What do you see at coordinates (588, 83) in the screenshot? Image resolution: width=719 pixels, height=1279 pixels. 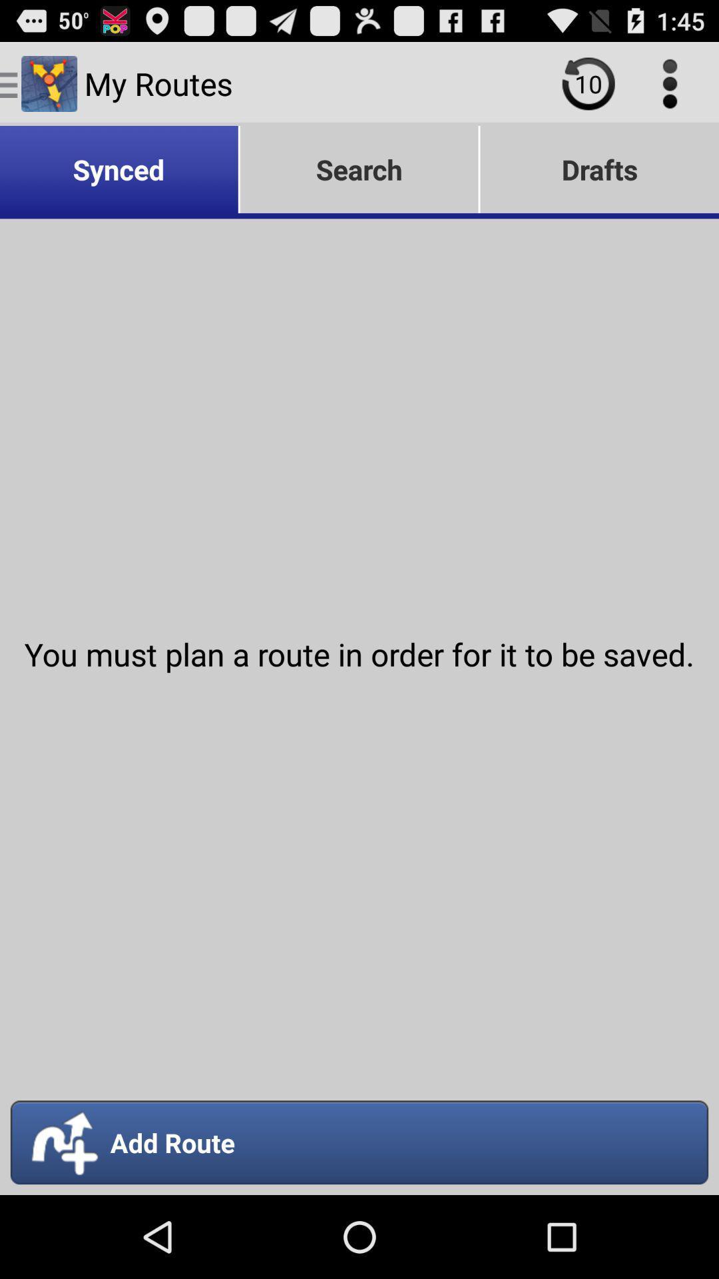 I see `the icon next to my routes icon` at bounding box center [588, 83].